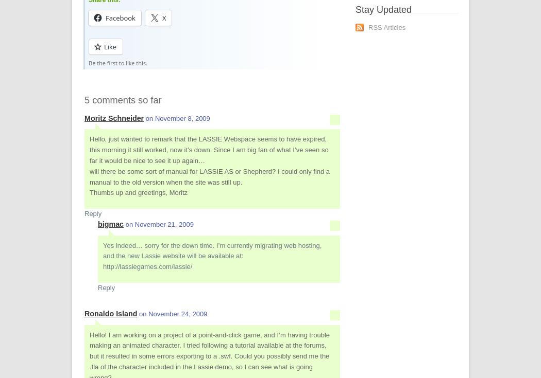  What do you see at coordinates (209, 176) in the screenshot?
I see `'will there be some sort of manual for LASSIE AS or Shepherd? I could only find a manual to the old version when the site was still up.'` at bounding box center [209, 176].